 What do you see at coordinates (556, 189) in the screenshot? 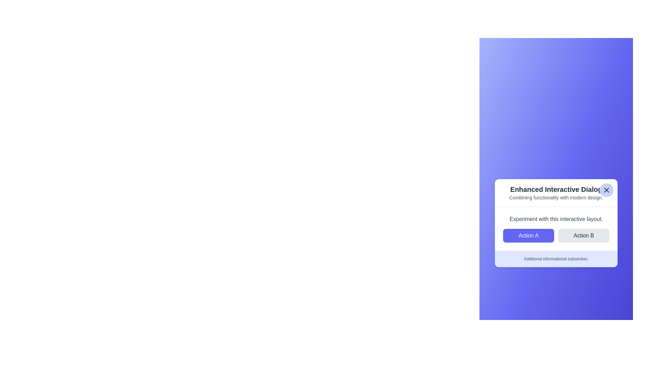
I see `title text of the dialog box, which is positioned at the top and horizontally centered above the subtitle 'Combining functionality with modern design.'` at bounding box center [556, 189].